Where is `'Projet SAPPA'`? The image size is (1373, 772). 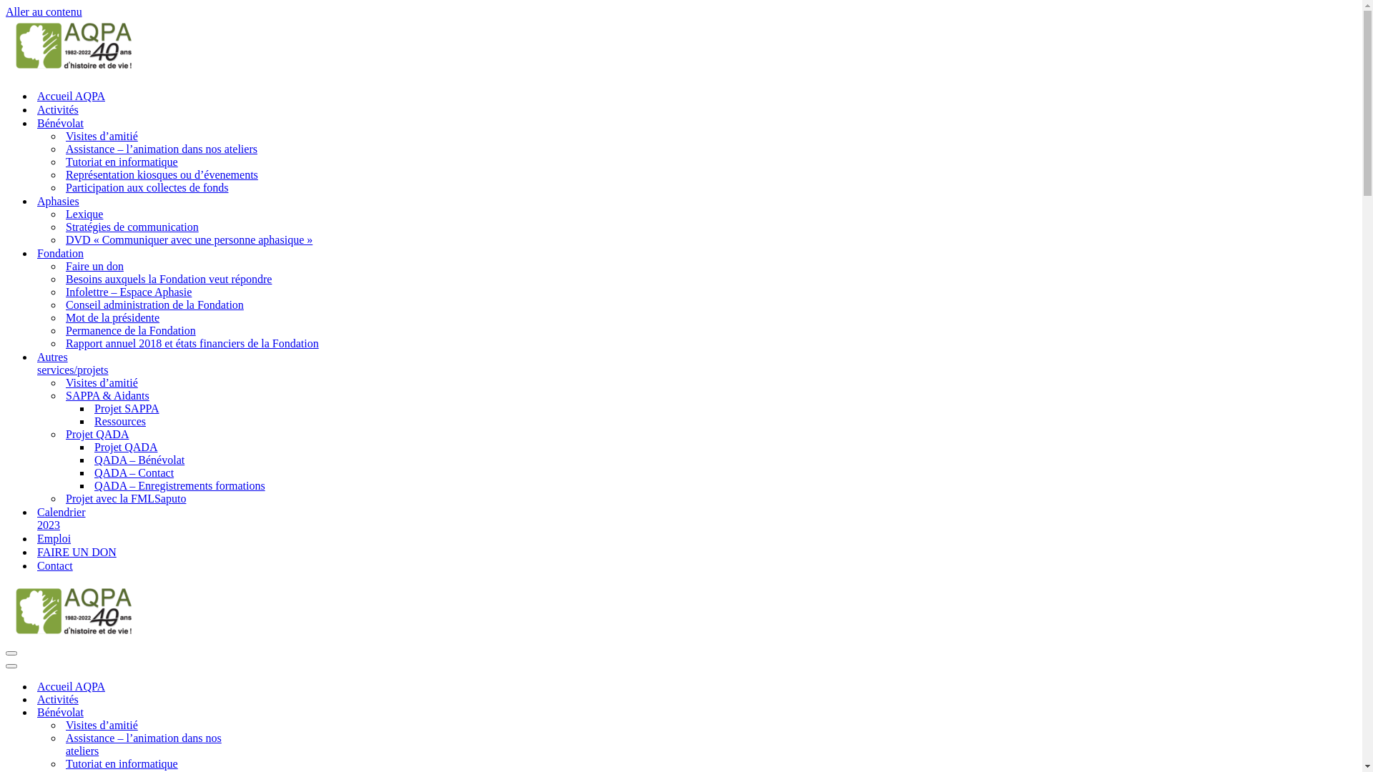
'Projet SAPPA' is located at coordinates (127, 408).